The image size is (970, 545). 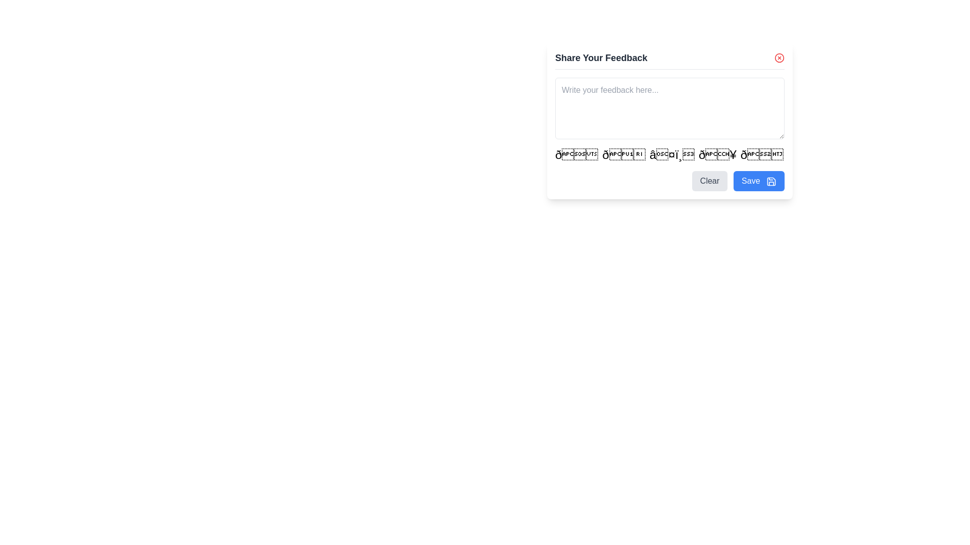 I want to click on the save button icon, which is a graphical icon styled as a save button within a rectangular blue button labeled 'Save', located to the right of the text label, so click(x=770, y=180).